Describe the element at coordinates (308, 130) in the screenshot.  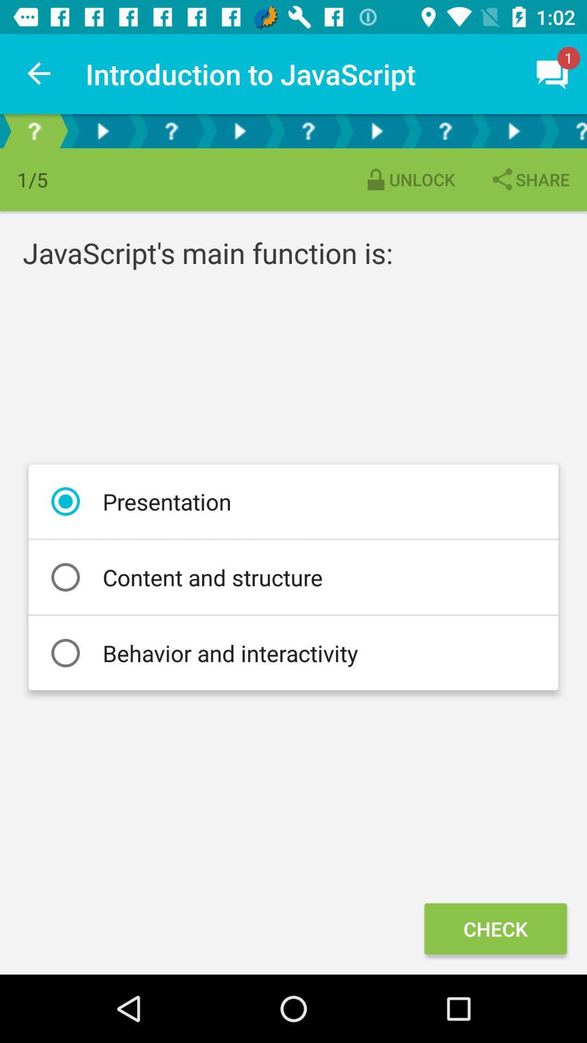
I see `jump to question` at that location.